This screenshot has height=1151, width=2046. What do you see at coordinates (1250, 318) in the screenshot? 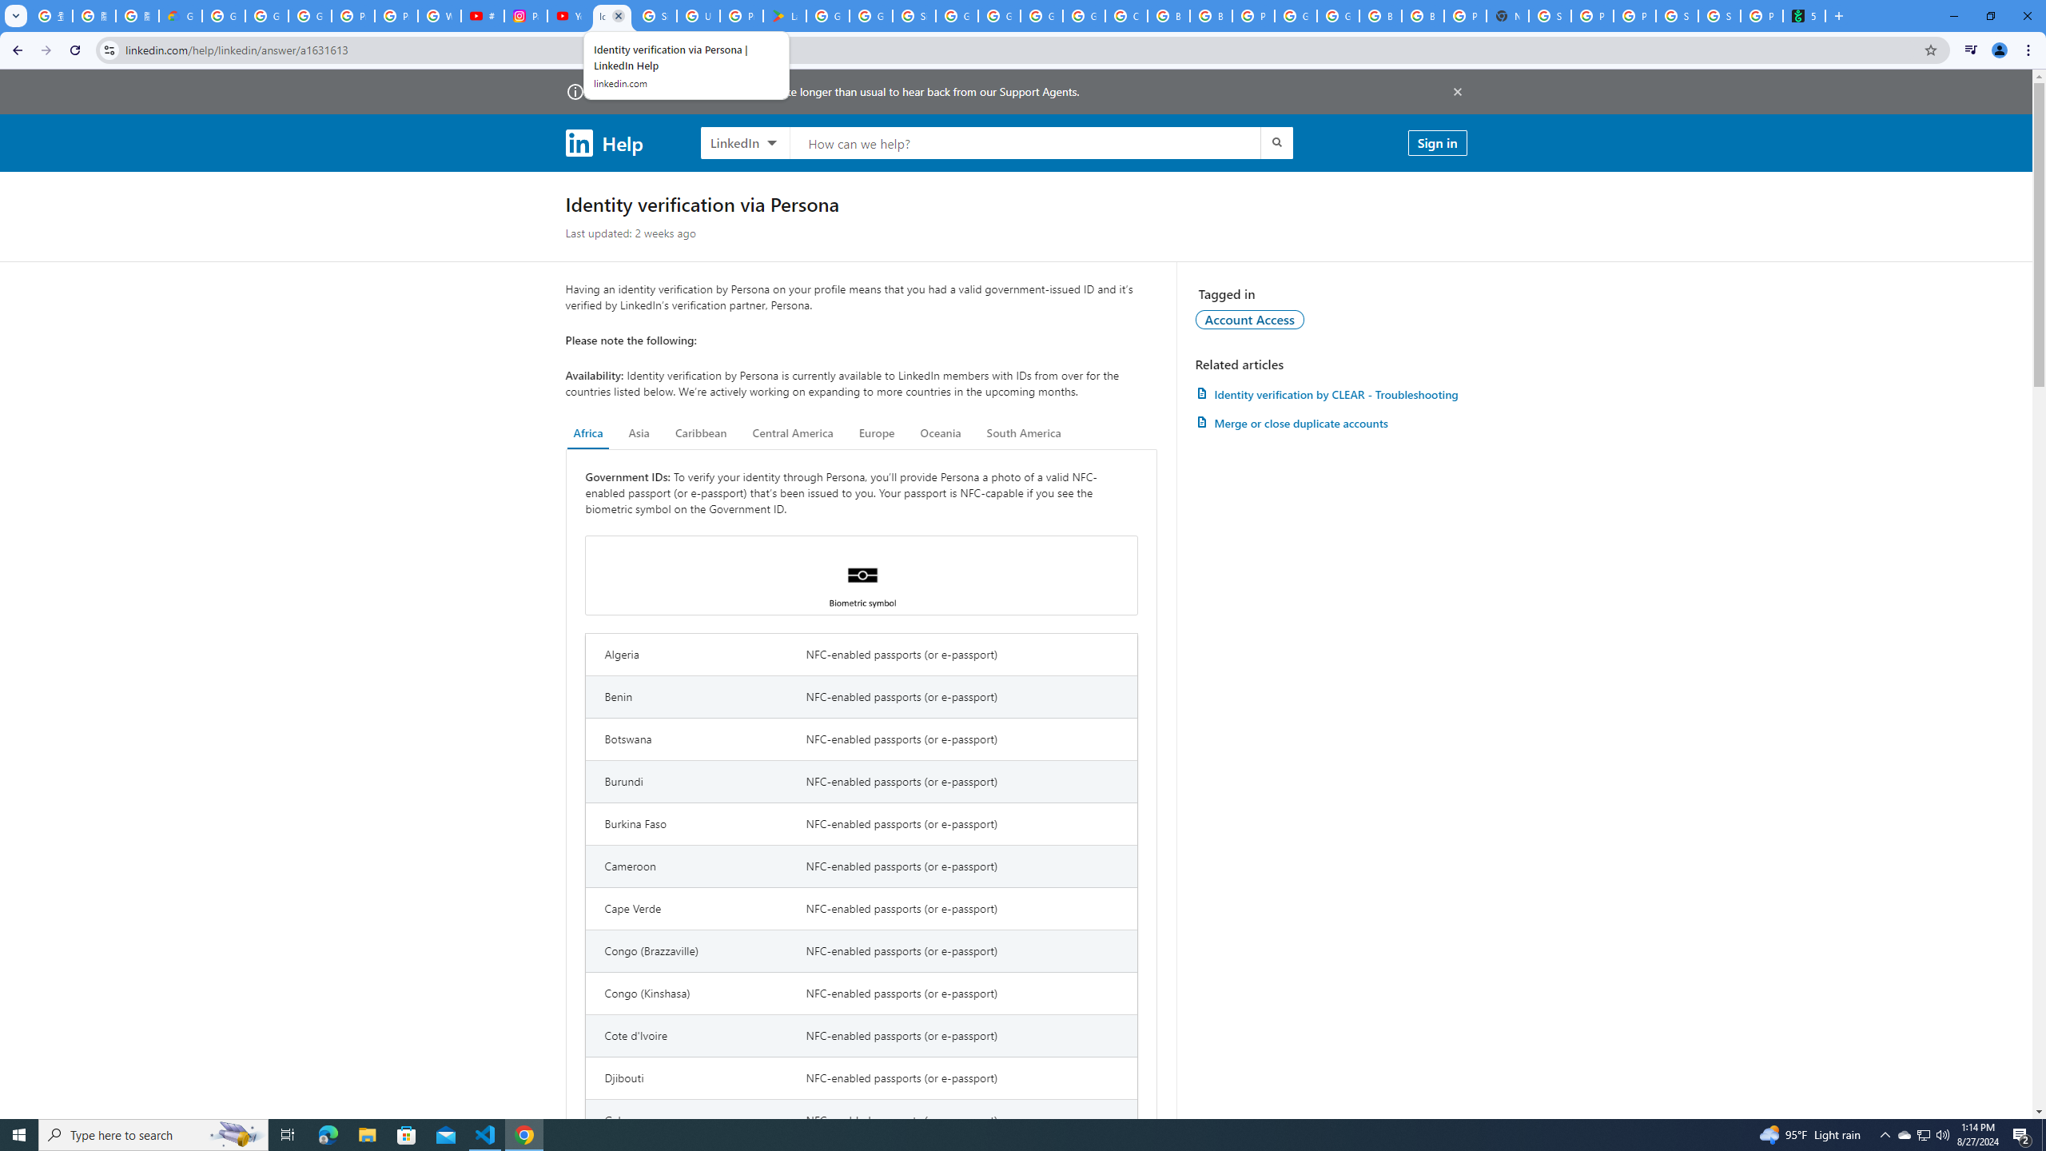
I see `'AutomationID: topic-link-a151002'` at bounding box center [1250, 318].